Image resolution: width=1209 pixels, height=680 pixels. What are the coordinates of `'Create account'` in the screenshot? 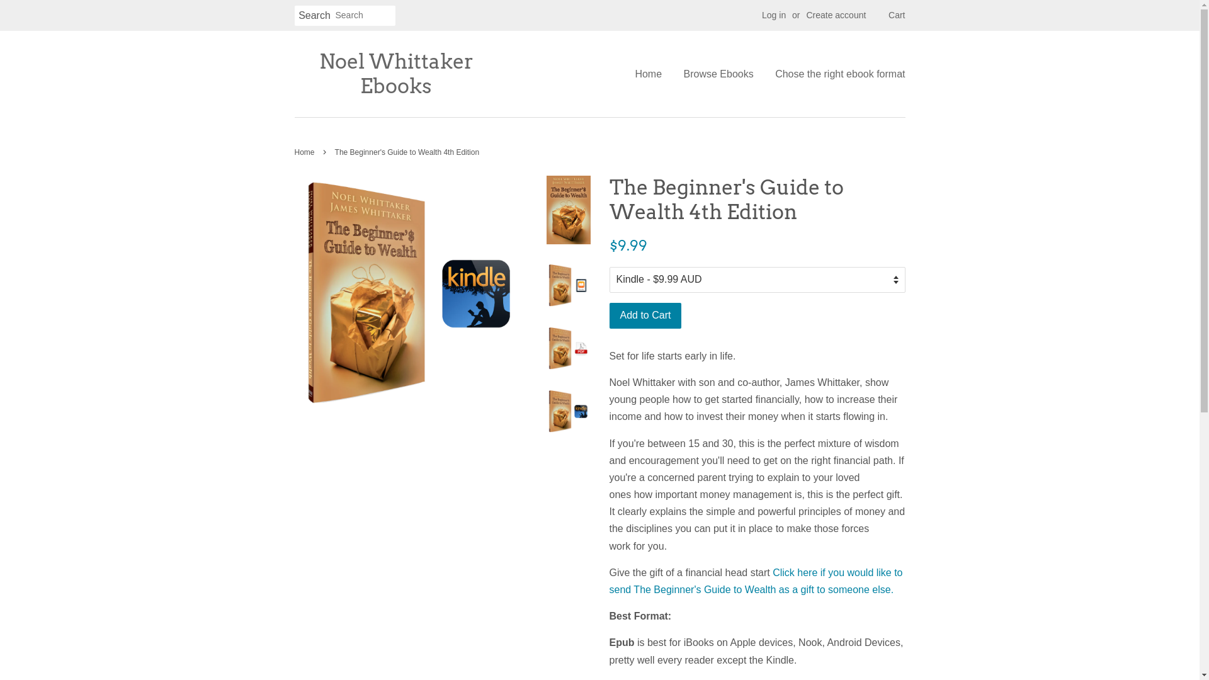 It's located at (836, 14).